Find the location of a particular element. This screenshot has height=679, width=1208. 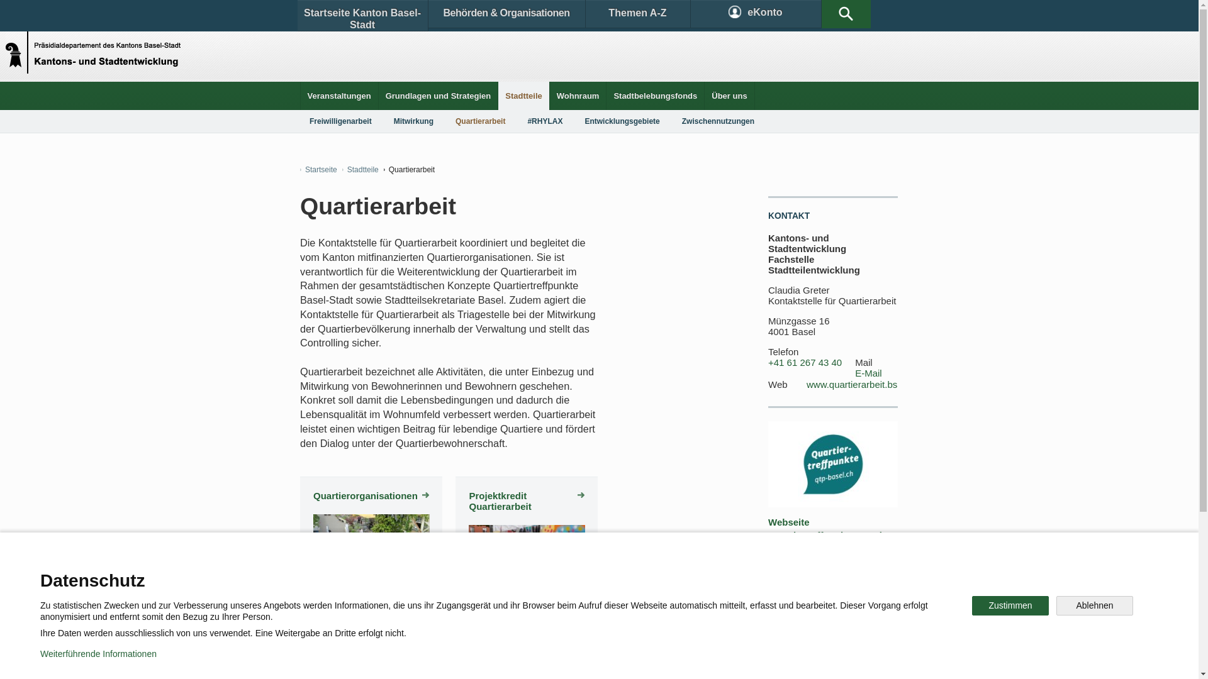

'Veranstaltungen' is located at coordinates (339, 95).